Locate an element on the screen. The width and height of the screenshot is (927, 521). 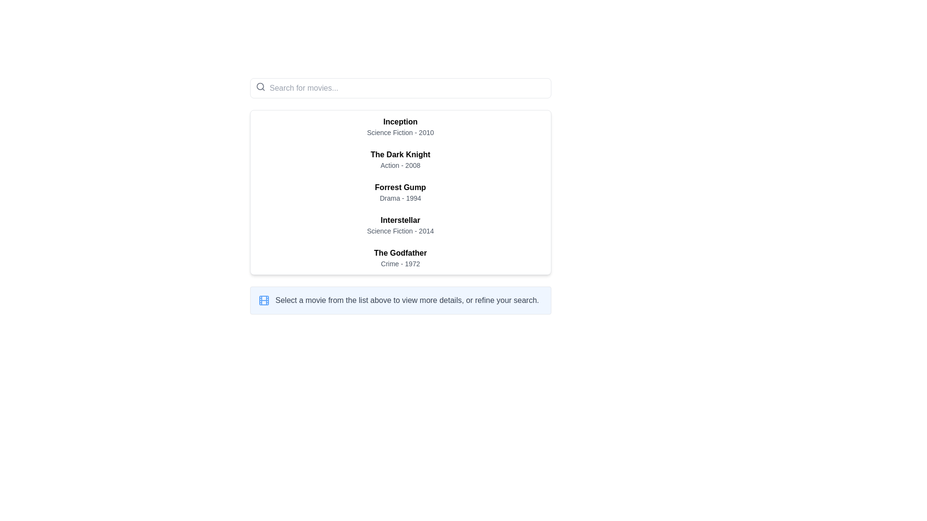
the text label displaying 'Science Fiction - 2010', which is styled in a smaller, muted gray font and positioned directly below the bold title 'Inception' is located at coordinates (400, 132).